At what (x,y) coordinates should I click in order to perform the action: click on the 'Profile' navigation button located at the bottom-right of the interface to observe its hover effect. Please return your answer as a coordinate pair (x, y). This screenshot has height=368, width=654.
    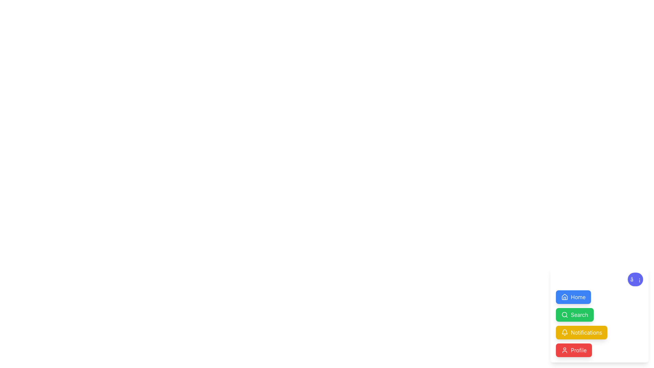
    Looking at the image, I should click on (574, 350).